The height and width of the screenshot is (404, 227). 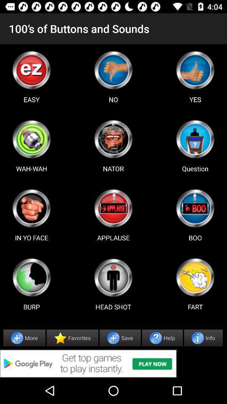 What do you see at coordinates (31, 69) in the screenshot?
I see `easy` at bounding box center [31, 69].